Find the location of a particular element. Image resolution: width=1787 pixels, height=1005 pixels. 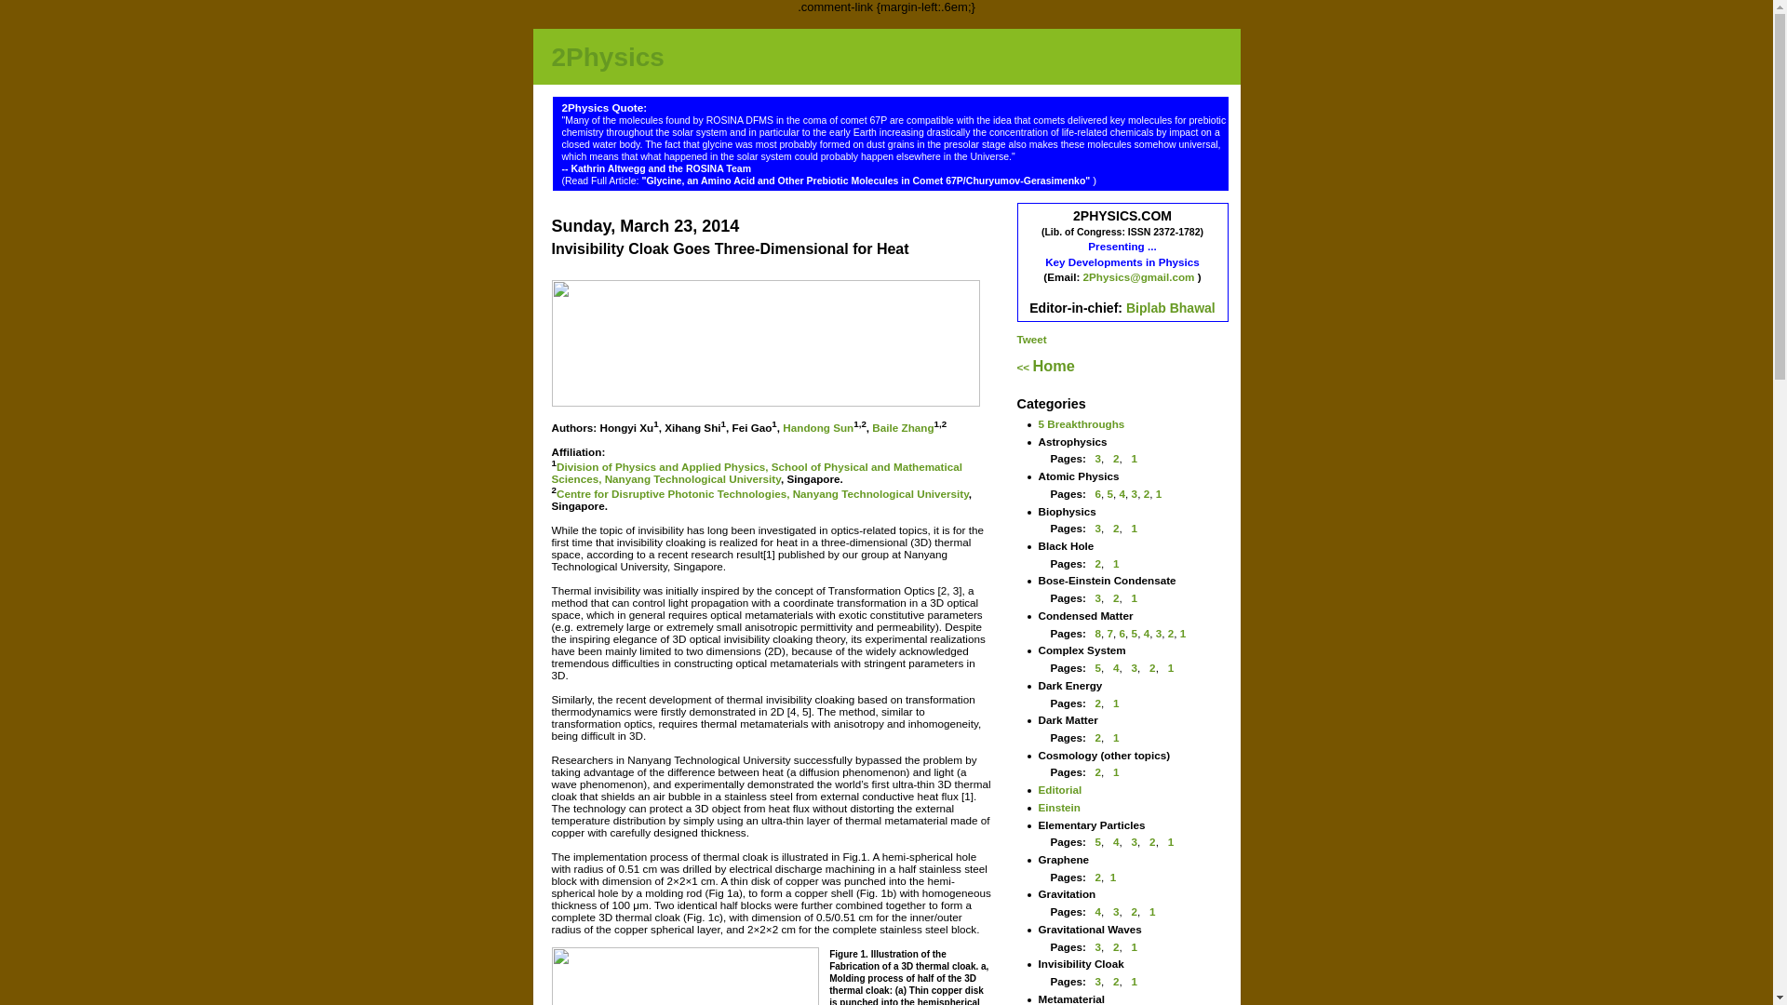

'3' is located at coordinates (1158, 632).